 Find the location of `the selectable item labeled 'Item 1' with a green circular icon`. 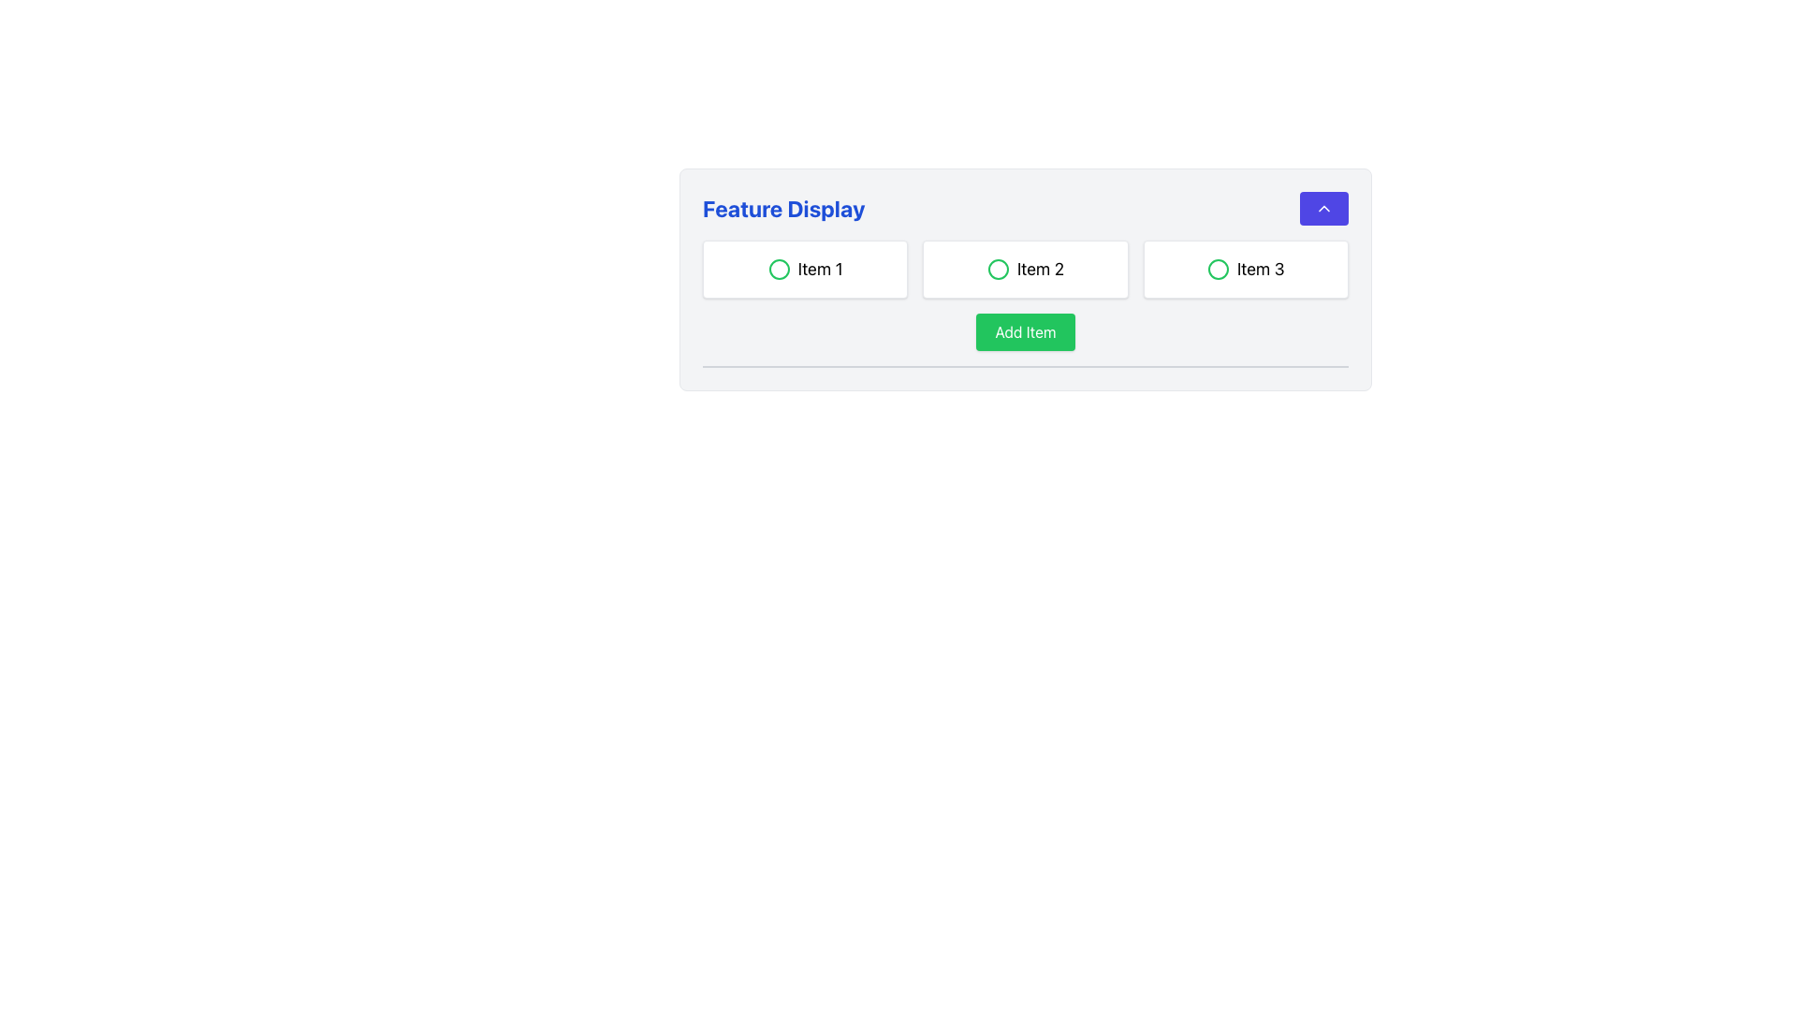

the selectable item labeled 'Item 1' with a green circular icon is located at coordinates (805, 270).